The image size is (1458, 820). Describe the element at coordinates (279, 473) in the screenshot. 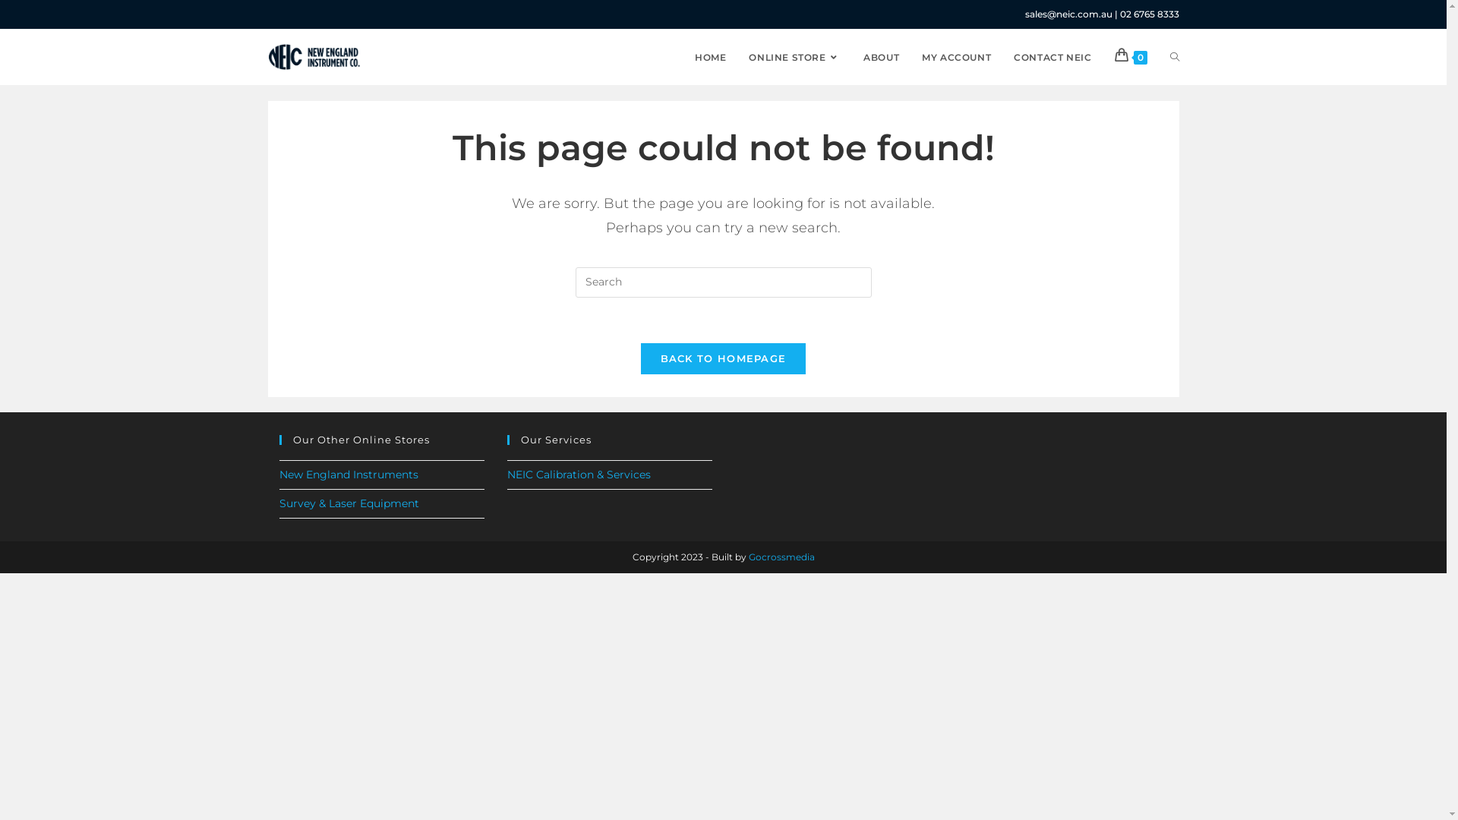

I see `'New England Instruments'` at that location.